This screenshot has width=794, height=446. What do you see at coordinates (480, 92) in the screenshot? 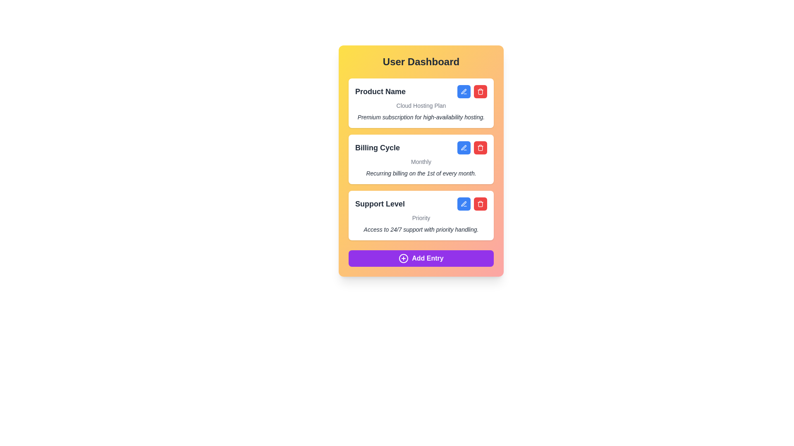
I see `the small, square red button with a white trash can icon located at the top-right corner of the 'Product Name' section` at bounding box center [480, 92].